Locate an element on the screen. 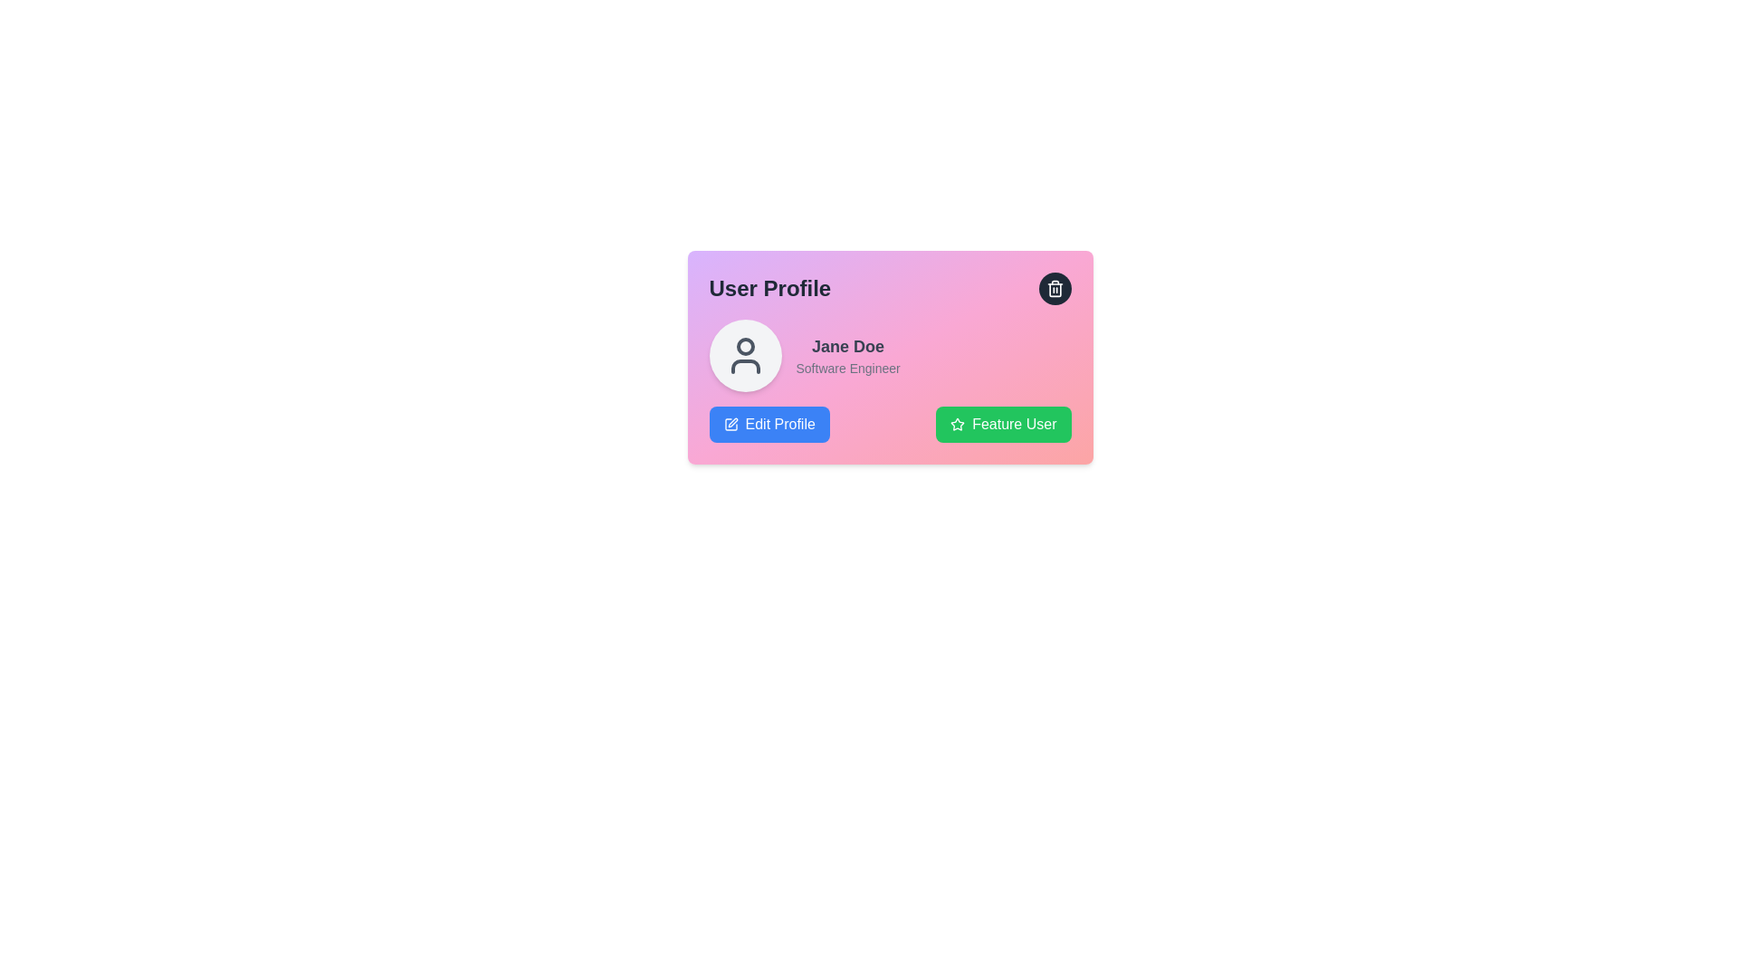 This screenshot has height=978, width=1738. text block that provides information about the user's profile details, including the name and role, located in the user profile card above the buttons labeled 'Edit Profile' and 'Feature User' is located at coordinates (847, 356).